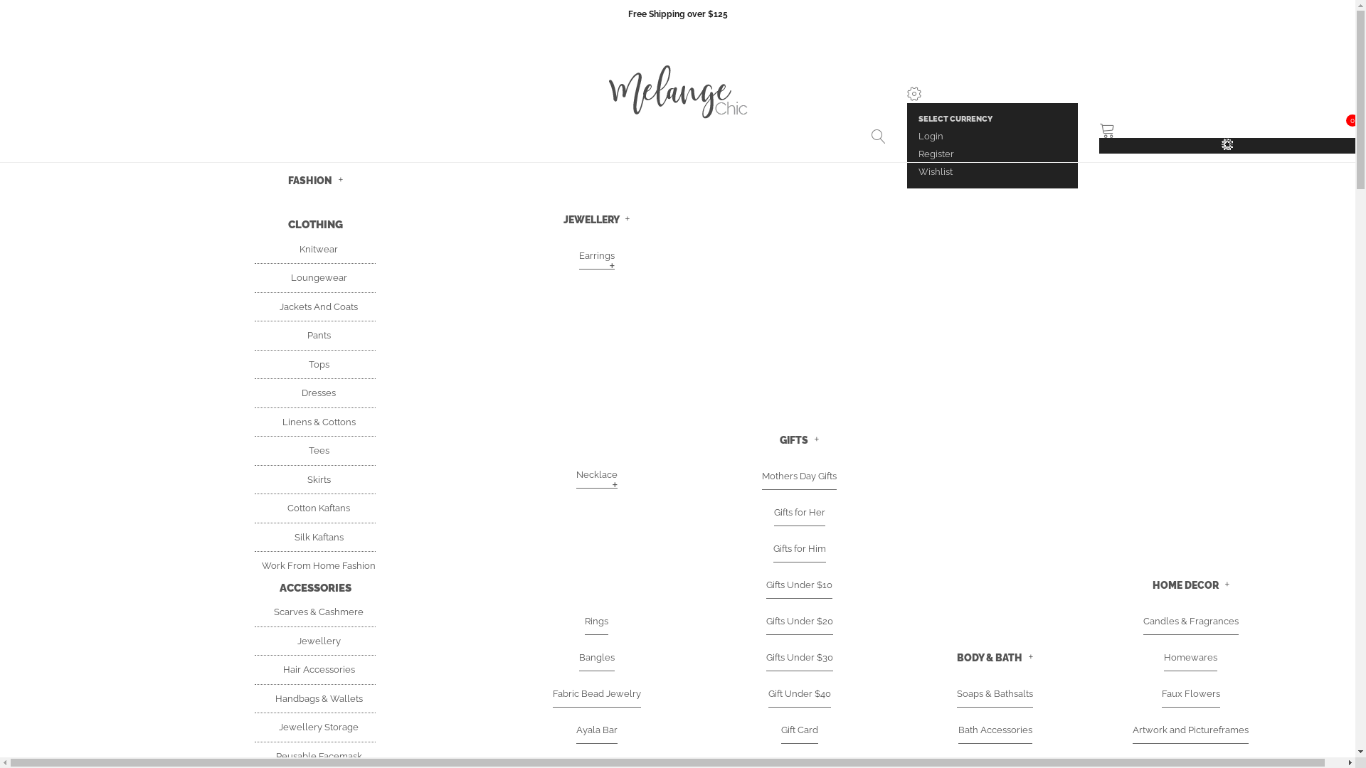 This screenshot has width=1366, height=768. Describe the element at coordinates (314, 179) in the screenshot. I see `'FASHION'` at that location.